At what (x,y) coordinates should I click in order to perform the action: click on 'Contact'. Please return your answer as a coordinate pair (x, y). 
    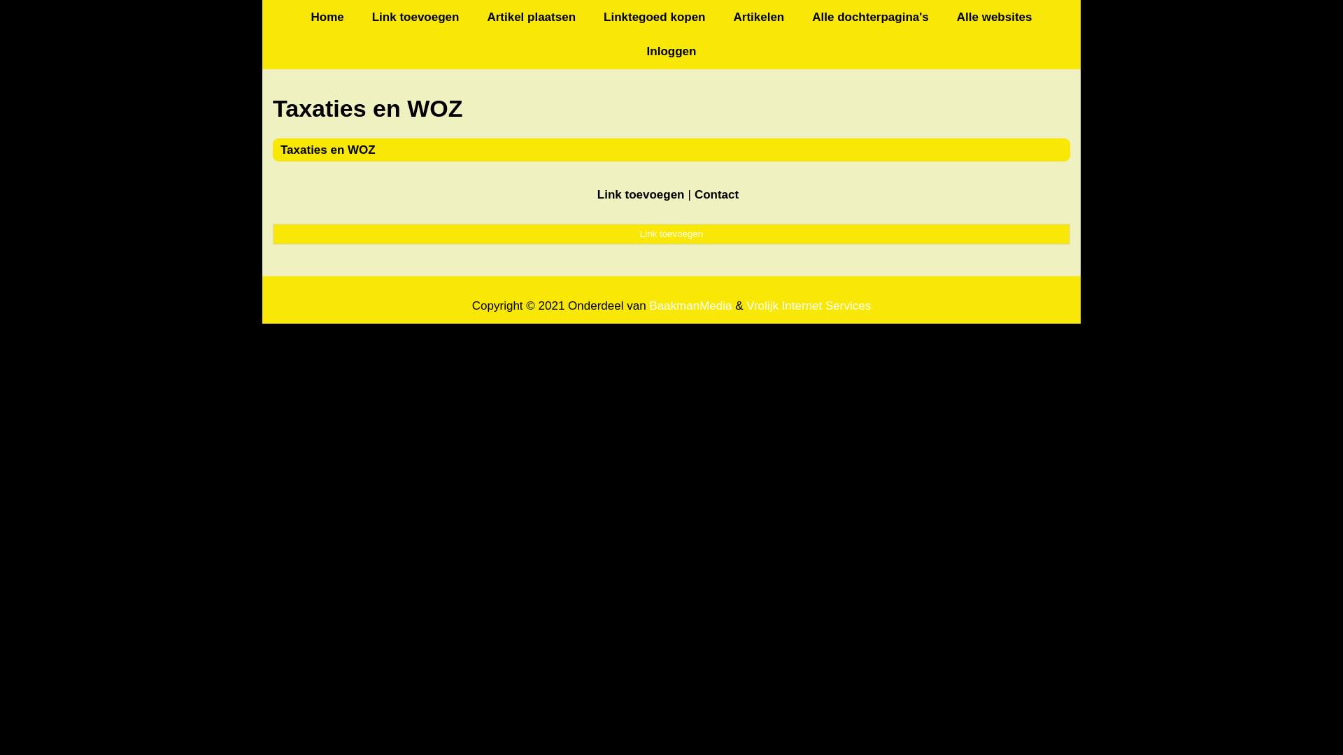
    Looking at the image, I should click on (716, 194).